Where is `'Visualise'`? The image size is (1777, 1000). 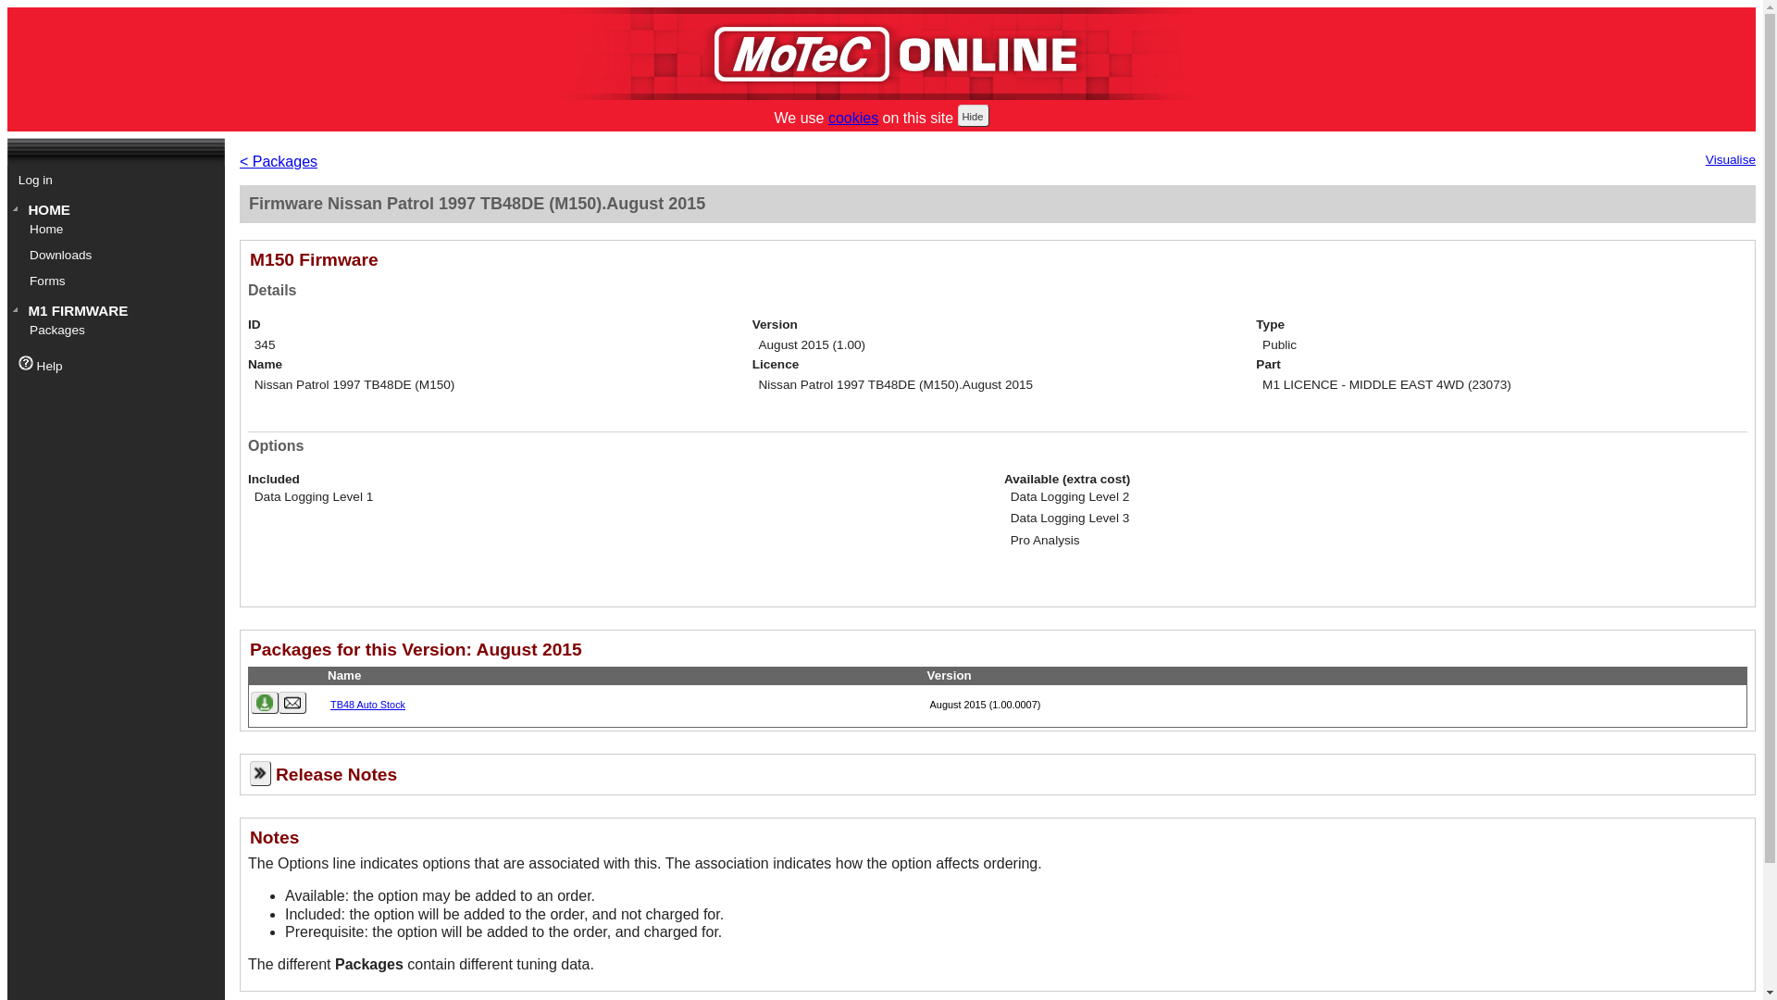
'Visualise' is located at coordinates (1730, 159).